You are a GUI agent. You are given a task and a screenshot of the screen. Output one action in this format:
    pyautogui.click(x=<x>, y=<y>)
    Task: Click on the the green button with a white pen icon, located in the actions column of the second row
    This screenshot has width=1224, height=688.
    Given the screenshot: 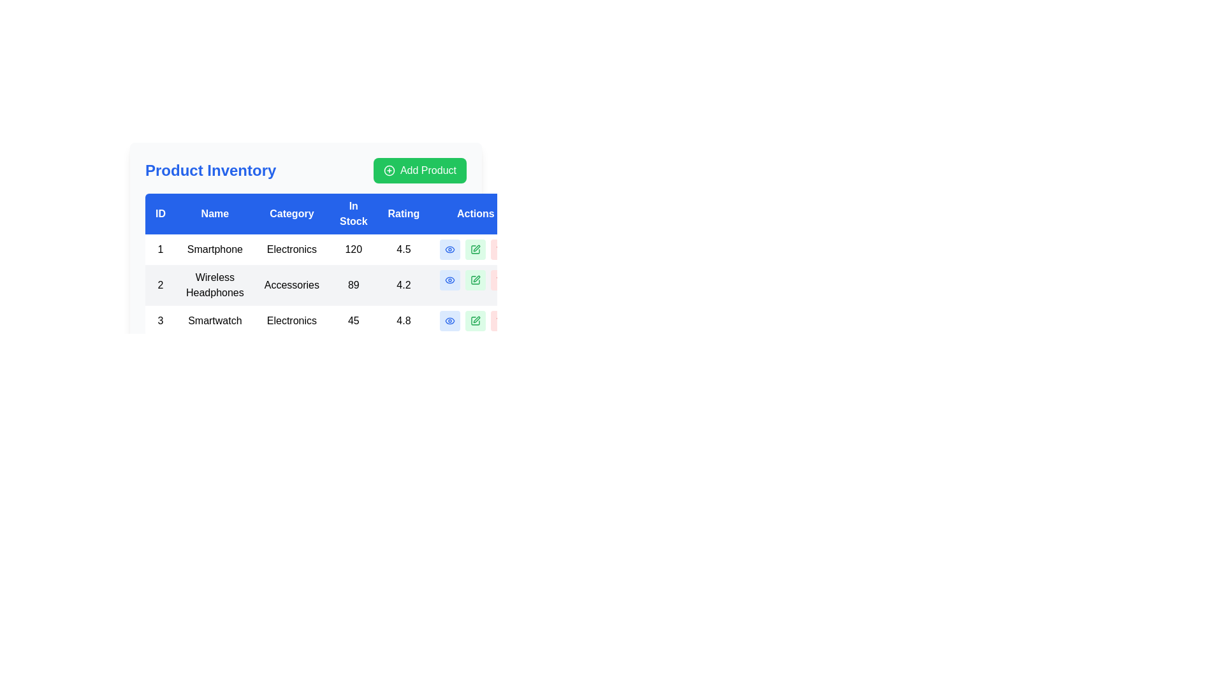 What is the action you would take?
    pyautogui.click(x=475, y=279)
    